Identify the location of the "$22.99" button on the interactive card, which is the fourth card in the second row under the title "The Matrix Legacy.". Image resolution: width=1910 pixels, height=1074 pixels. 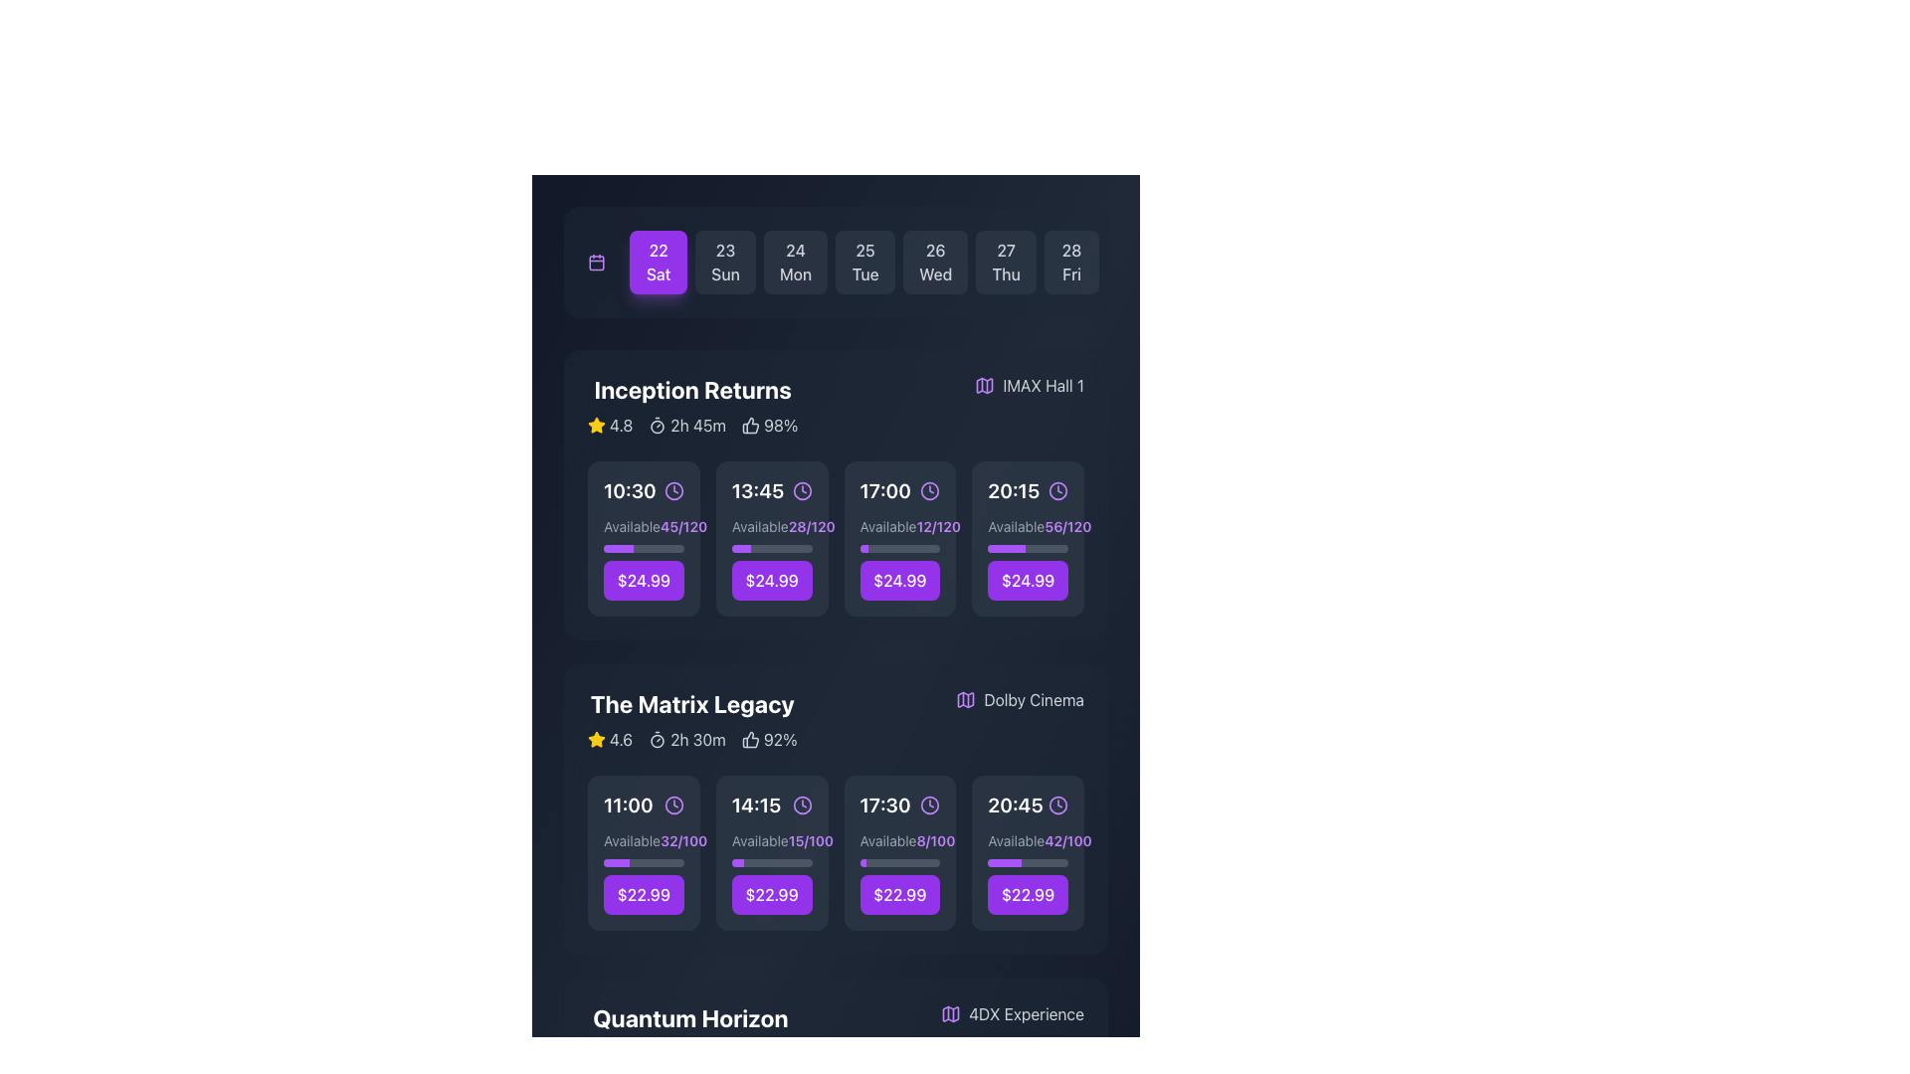
(1028, 851).